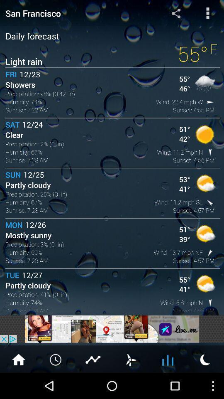 The height and width of the screenshot is (399, 224). Describe the element at coordinates (175, 14) in the screenshot. I see `the share icon` at that location.